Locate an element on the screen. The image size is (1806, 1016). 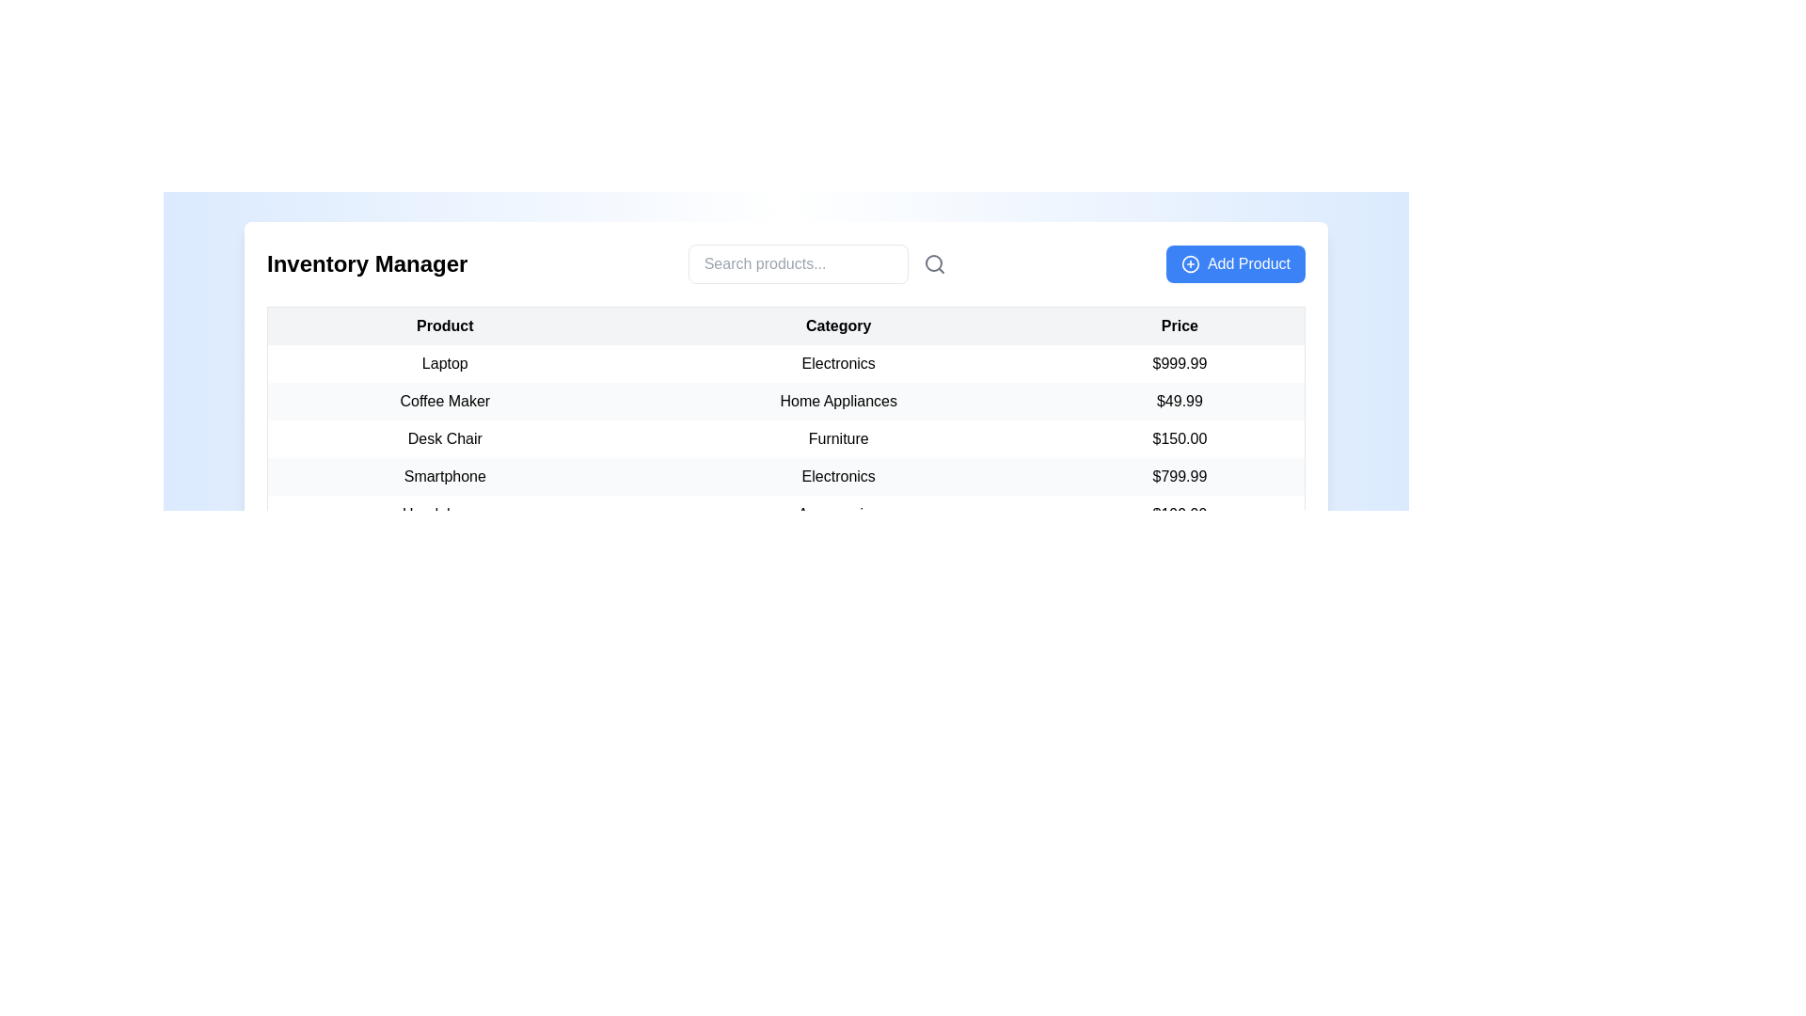
the text input box with rounded corners and placeholder text 'Search products...' located centrally in the header section is located at coordinates (785, 264).